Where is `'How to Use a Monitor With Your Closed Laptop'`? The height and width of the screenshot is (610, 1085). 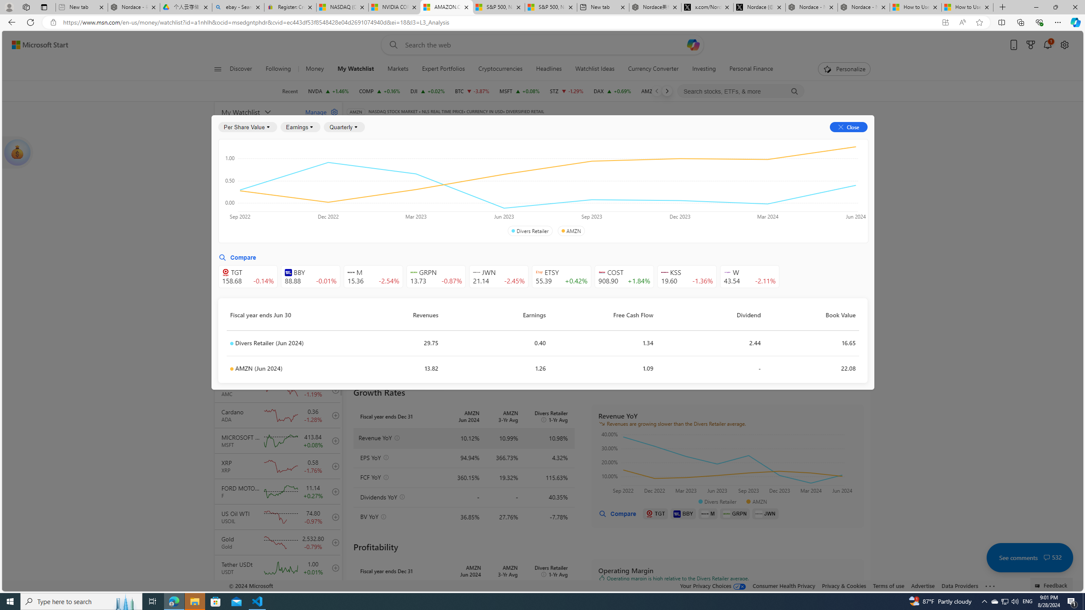
'How to Use a Monitor With Your Closed Laptop' is located at coordinates (967, 7).